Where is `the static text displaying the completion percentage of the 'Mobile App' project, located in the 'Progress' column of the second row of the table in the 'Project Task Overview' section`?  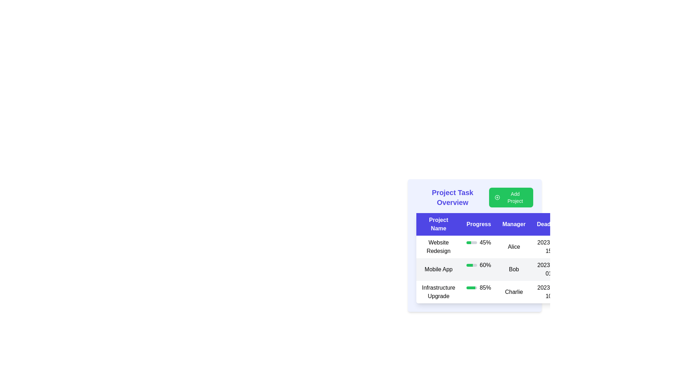 the static text displaying the completion percentage of the 'Mobile App' project, located in the 'Progress' column of the second row of the table in the 'Project Task Overview' section is located at coordinates (485, 265).